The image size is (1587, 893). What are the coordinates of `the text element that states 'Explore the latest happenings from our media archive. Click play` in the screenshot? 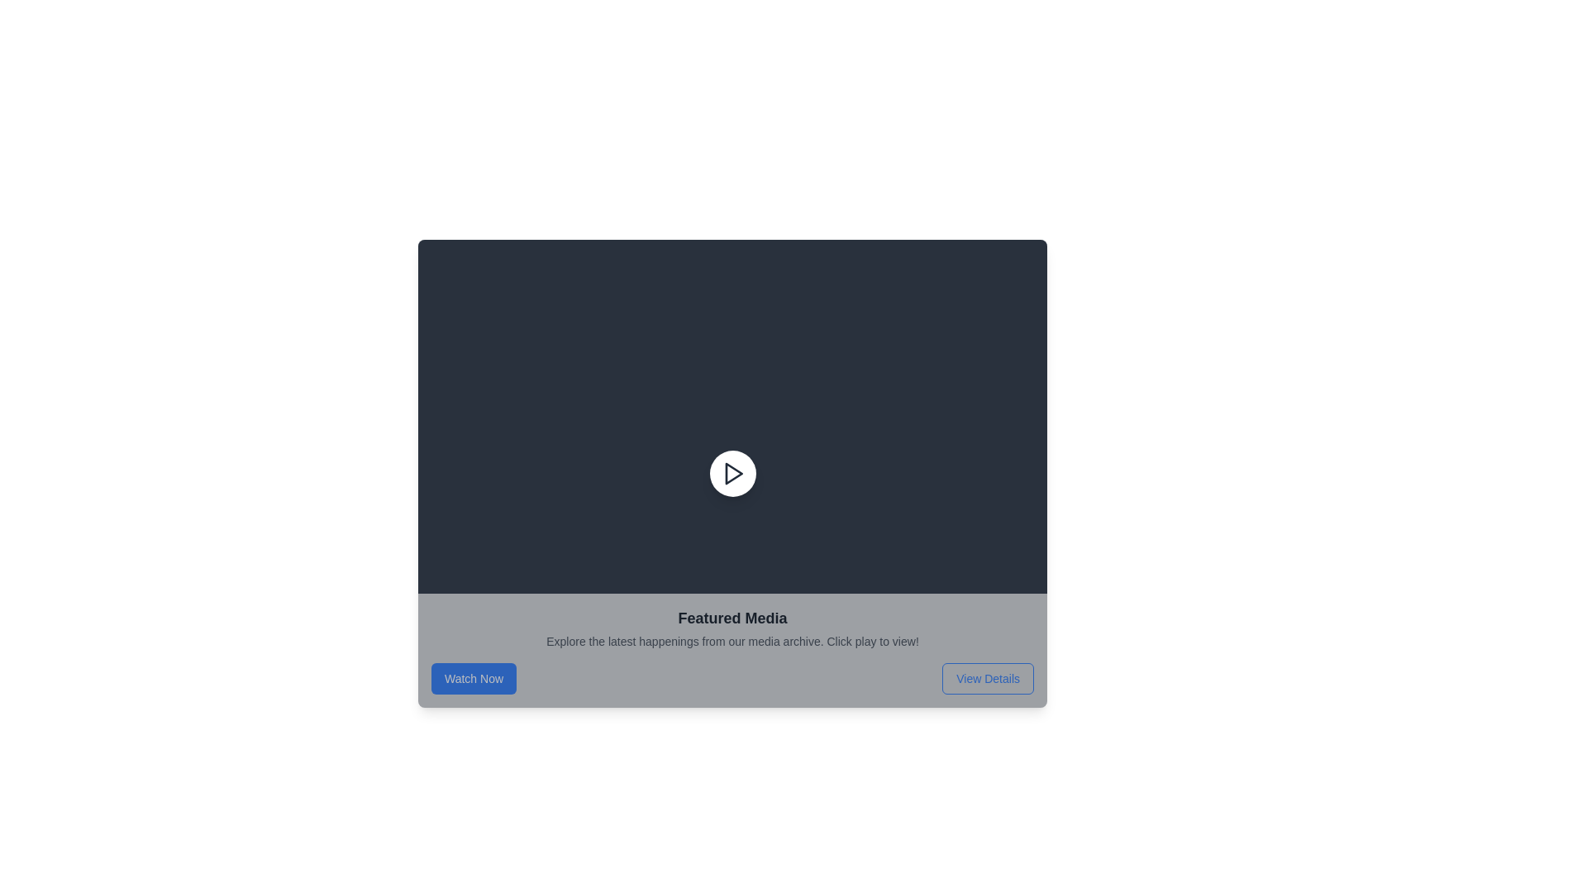 It's located at (732, 641).